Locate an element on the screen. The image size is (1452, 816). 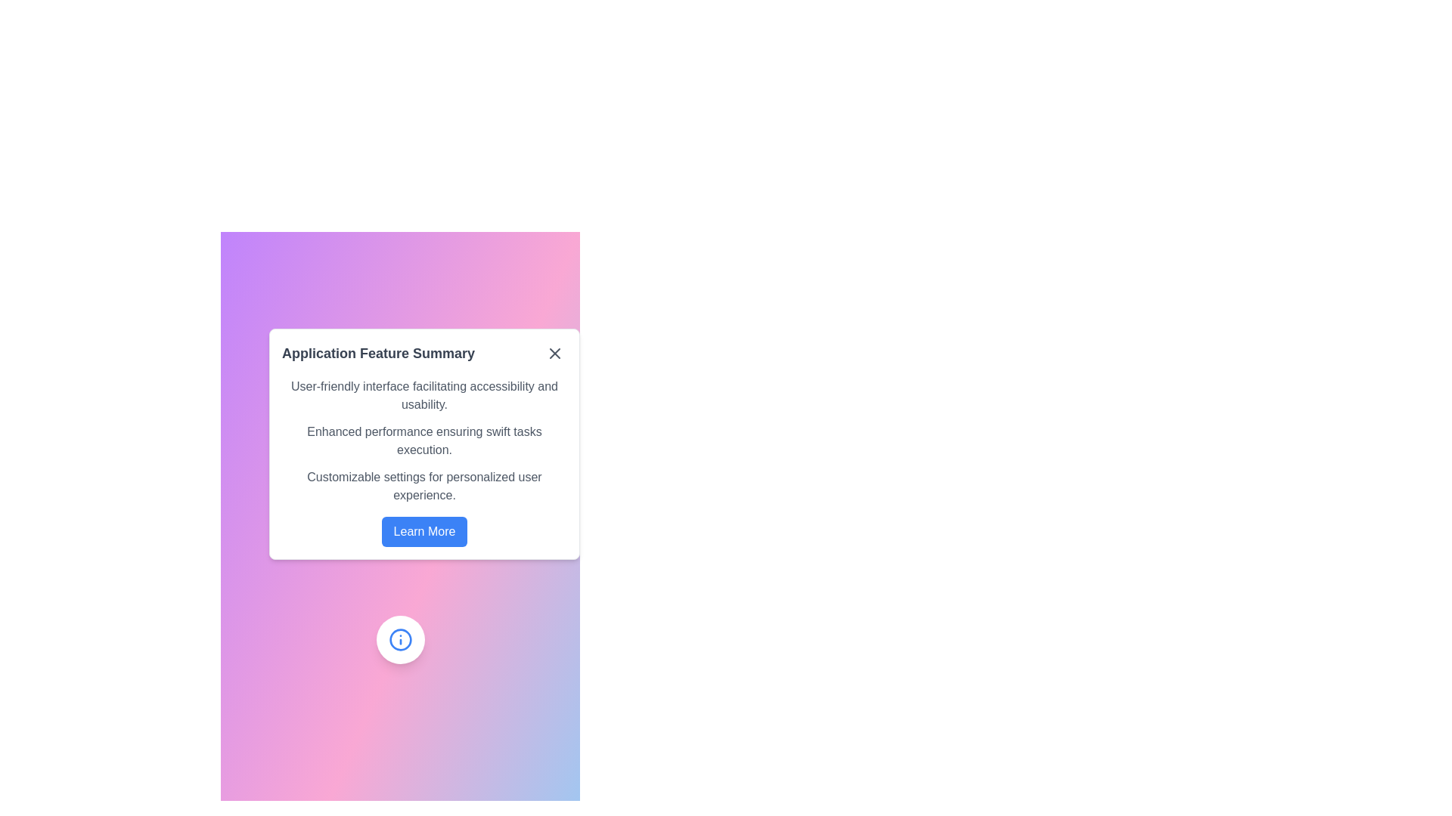
the multi-line text block styled with light gray font color, located in the middle section of a white card, which is directly below the title 'Application Feature Summary' is located at coordinates (423, 440).